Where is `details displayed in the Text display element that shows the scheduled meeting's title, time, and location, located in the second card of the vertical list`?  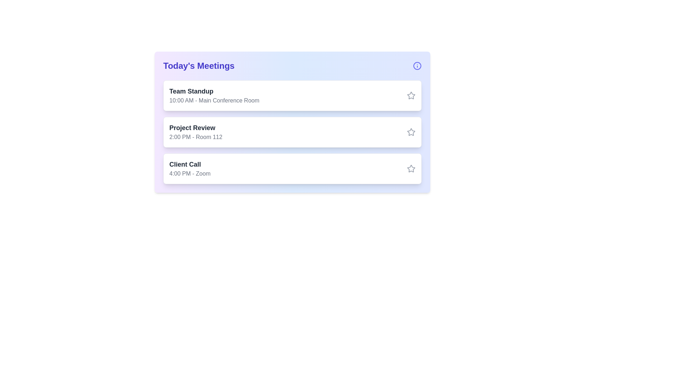 details displayed in the Text display element that shows the scheduled meeting's title, time, and location, located in the second card of the vertical list is located at coordinates (196, 132).